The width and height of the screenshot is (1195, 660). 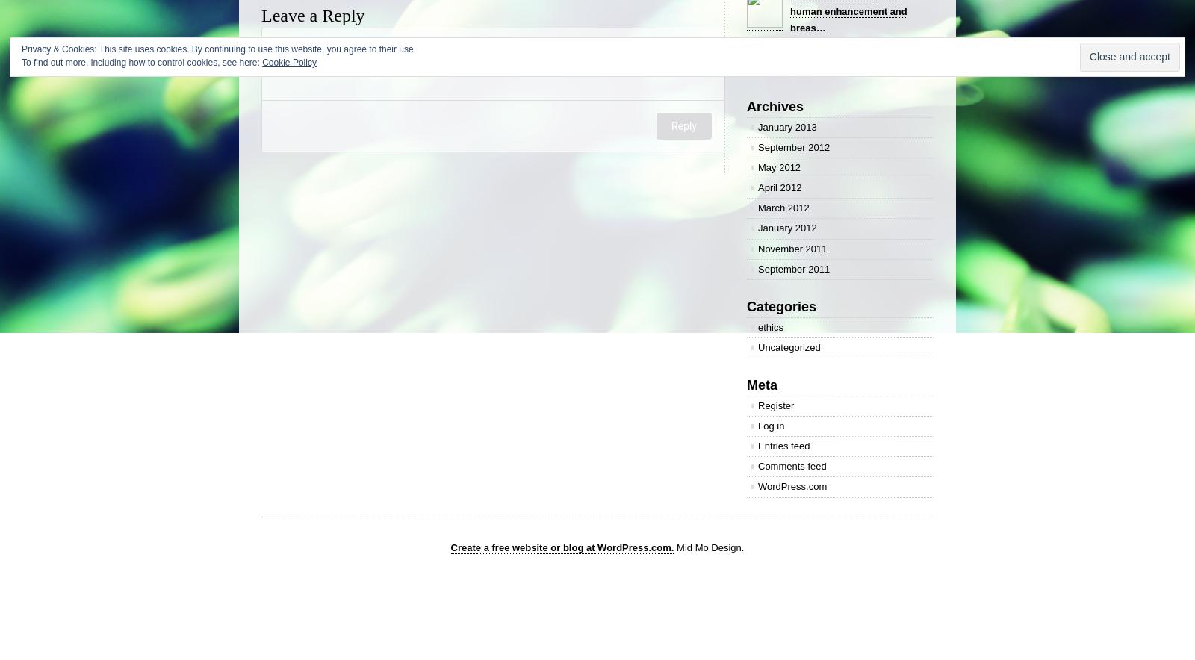 I want to click on 'May 2012', so click(x=779, y=167).